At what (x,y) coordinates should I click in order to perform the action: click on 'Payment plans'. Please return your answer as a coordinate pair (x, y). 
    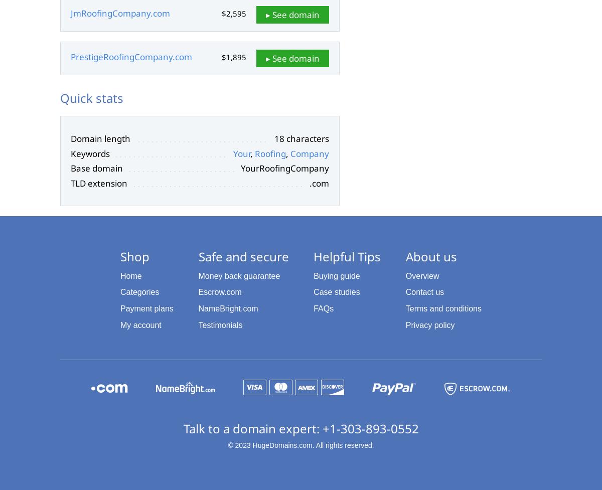
    Looking at the image, I should click on (120, 308).